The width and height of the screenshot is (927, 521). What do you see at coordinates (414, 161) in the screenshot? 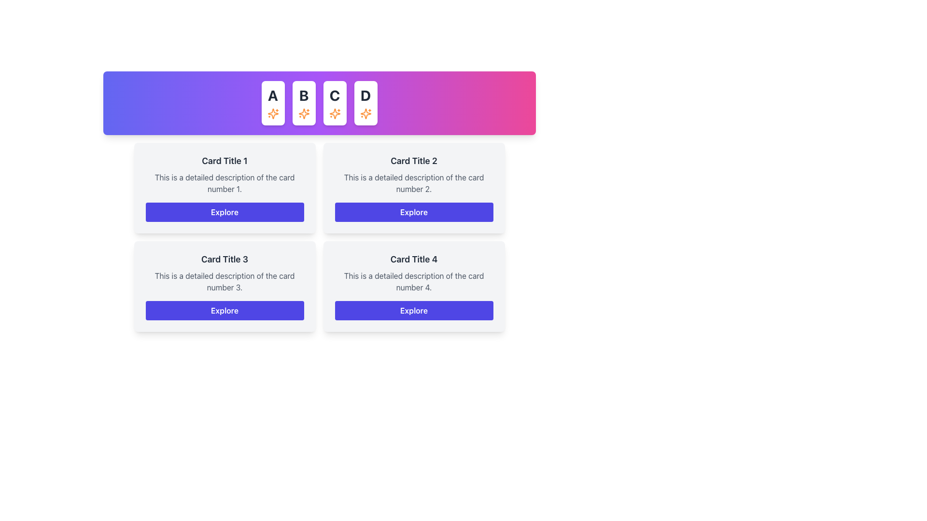
I see `the text 'Card Title 2' for copying or interacting, which is prominently displayed in bold within the second card of a 2x2 grid layout` at bounding box center [414, 161].